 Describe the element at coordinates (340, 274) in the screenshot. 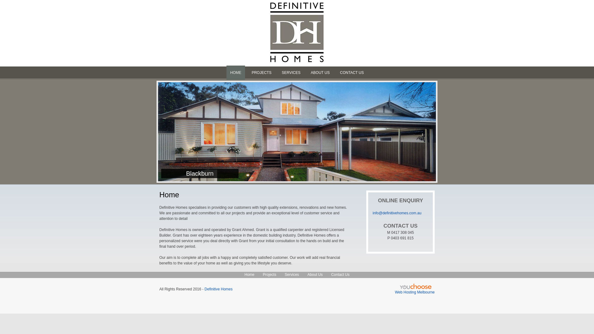

I see `'Contact Us'` at that location.